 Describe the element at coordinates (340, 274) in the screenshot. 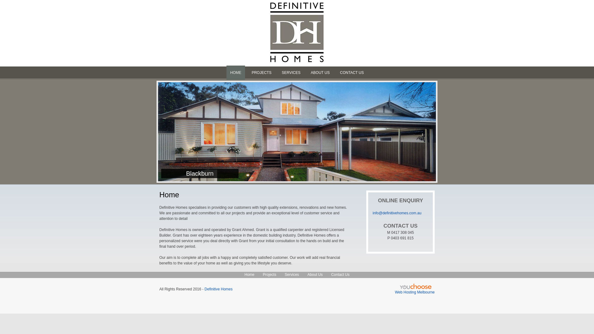

I see `'Contact Us'` at that location.